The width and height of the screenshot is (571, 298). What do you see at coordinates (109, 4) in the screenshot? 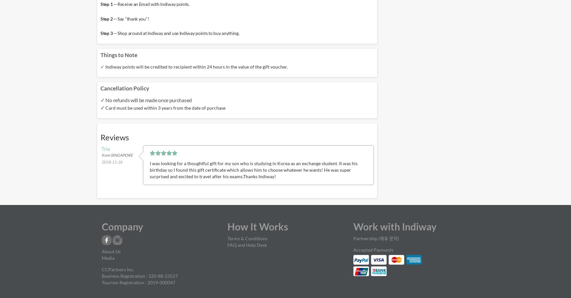
I see `'Step 1 --'` at bounding box center [109, 4].